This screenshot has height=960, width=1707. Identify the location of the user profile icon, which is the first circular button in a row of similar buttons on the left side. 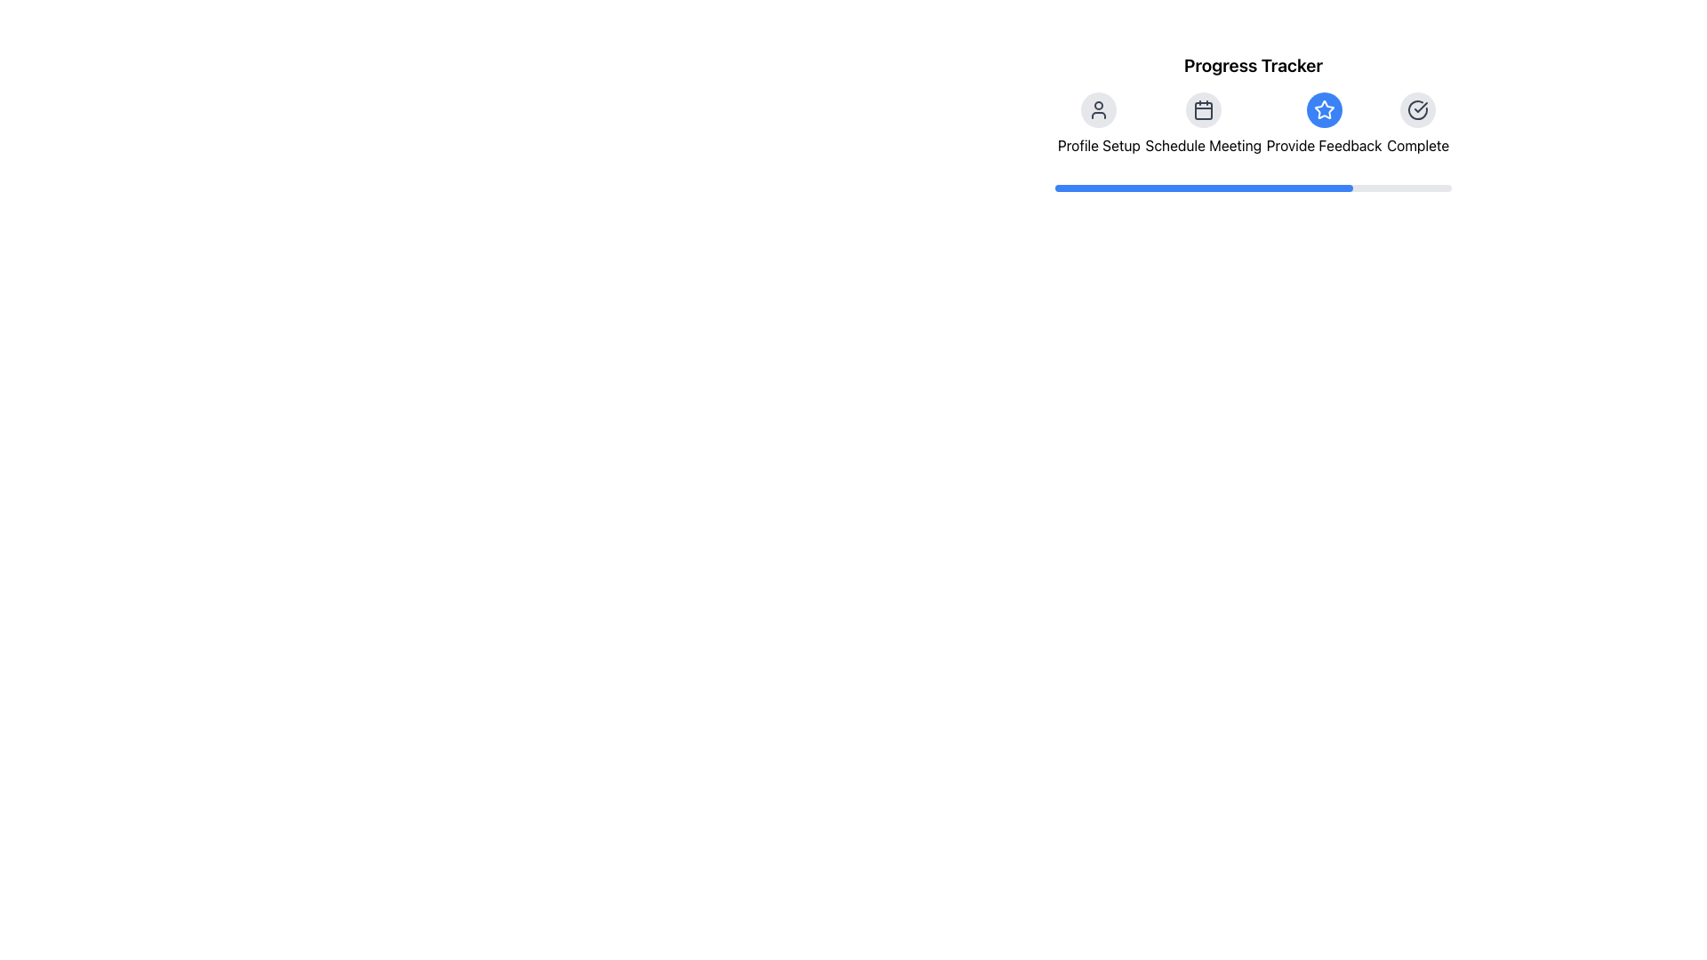
(1098, 109).